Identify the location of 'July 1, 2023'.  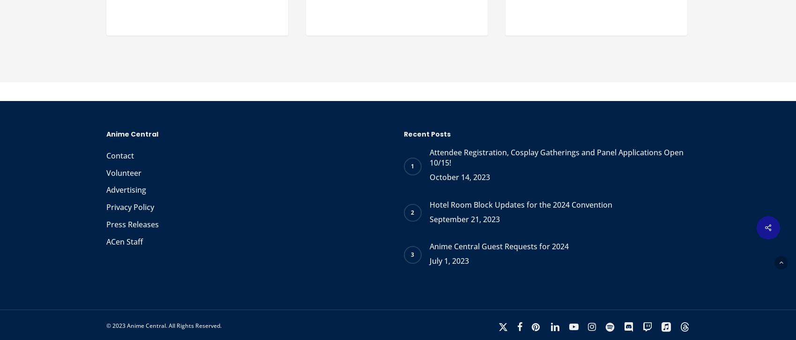
(449, 260).